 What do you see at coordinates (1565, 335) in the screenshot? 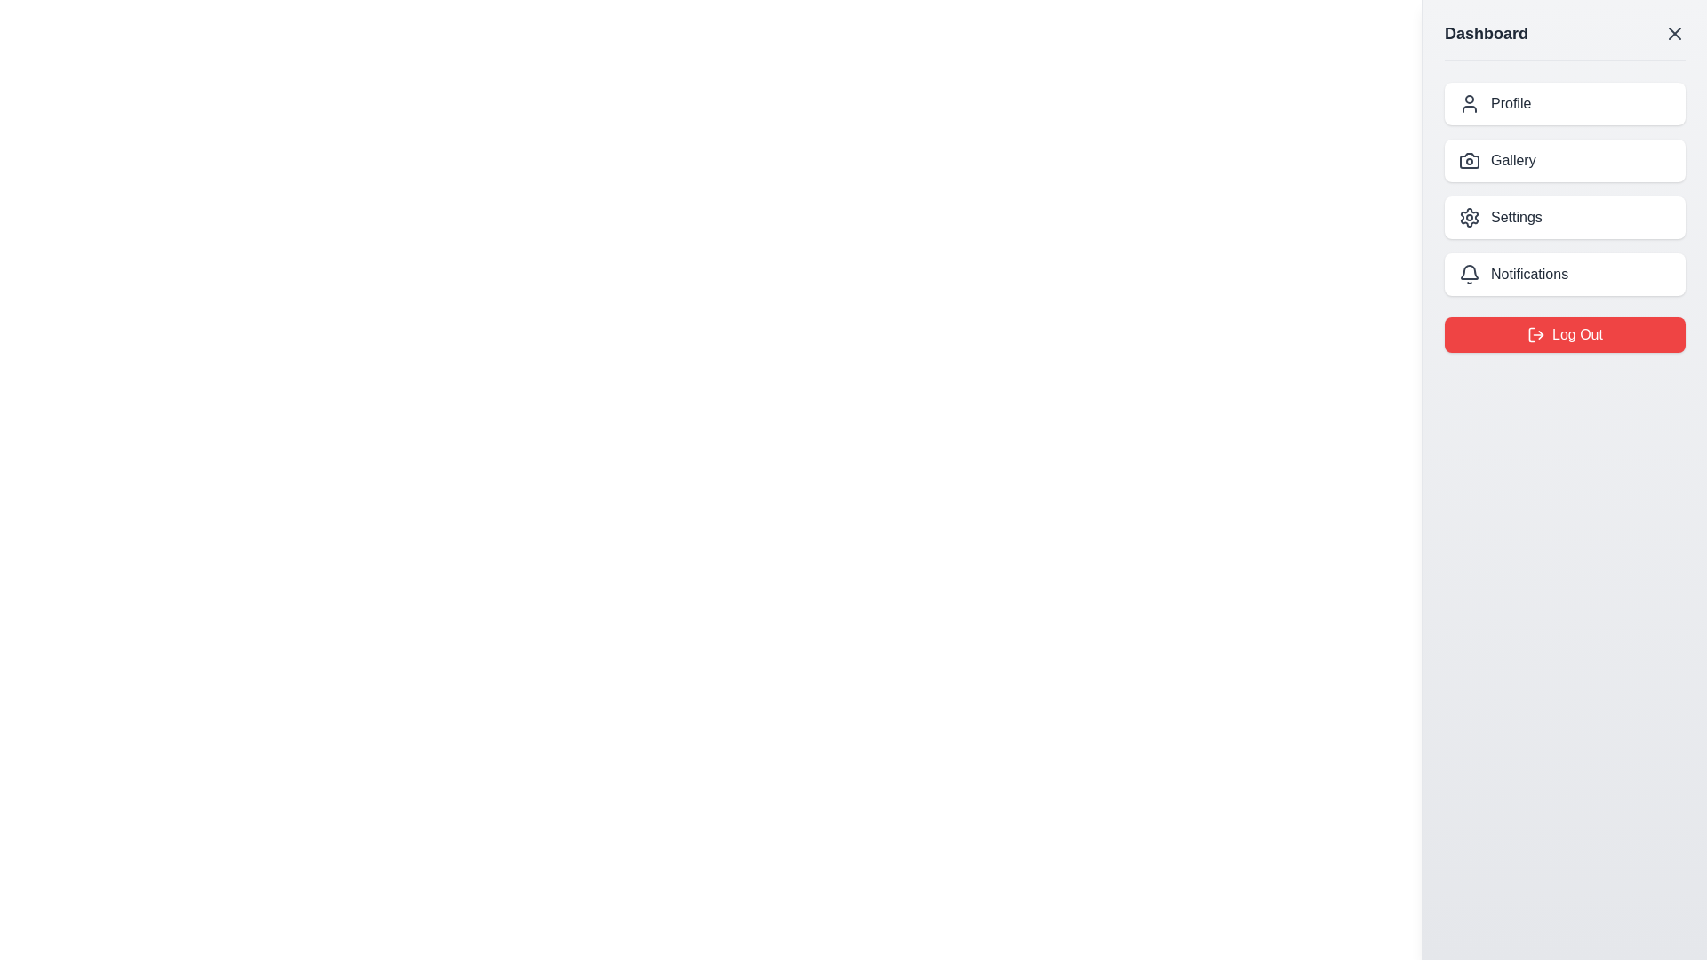
I see `the 'Log Out' button located at the bottom of the right side panel to log out of the current session` at bounding box center [1565, 335].